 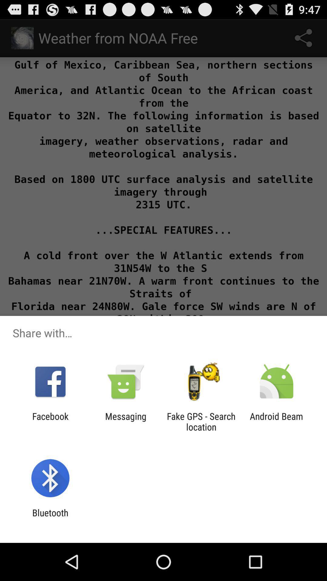 I want to click on icon to the right of fake gps search icon, so click(x=276, y=421).